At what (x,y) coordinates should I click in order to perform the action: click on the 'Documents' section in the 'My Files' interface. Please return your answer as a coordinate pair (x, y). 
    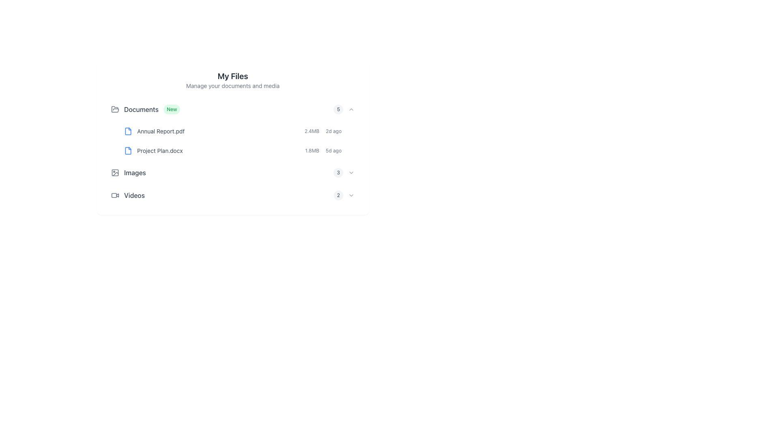
    Looking at the image, I should click on (232, 129).